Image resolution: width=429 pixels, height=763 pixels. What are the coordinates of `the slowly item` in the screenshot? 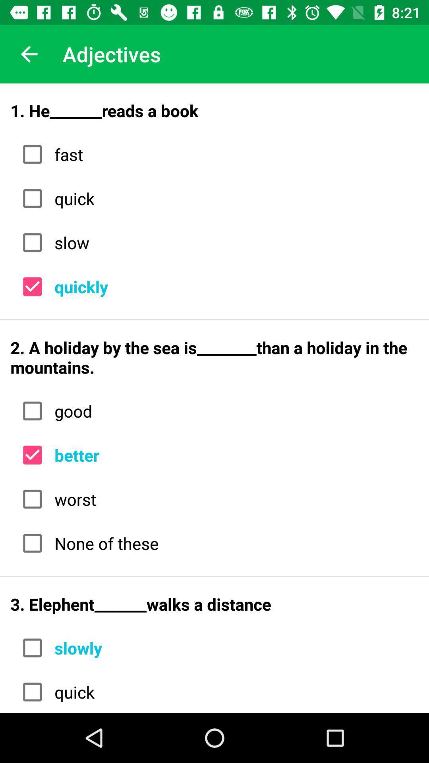 It's located at (233, 648).